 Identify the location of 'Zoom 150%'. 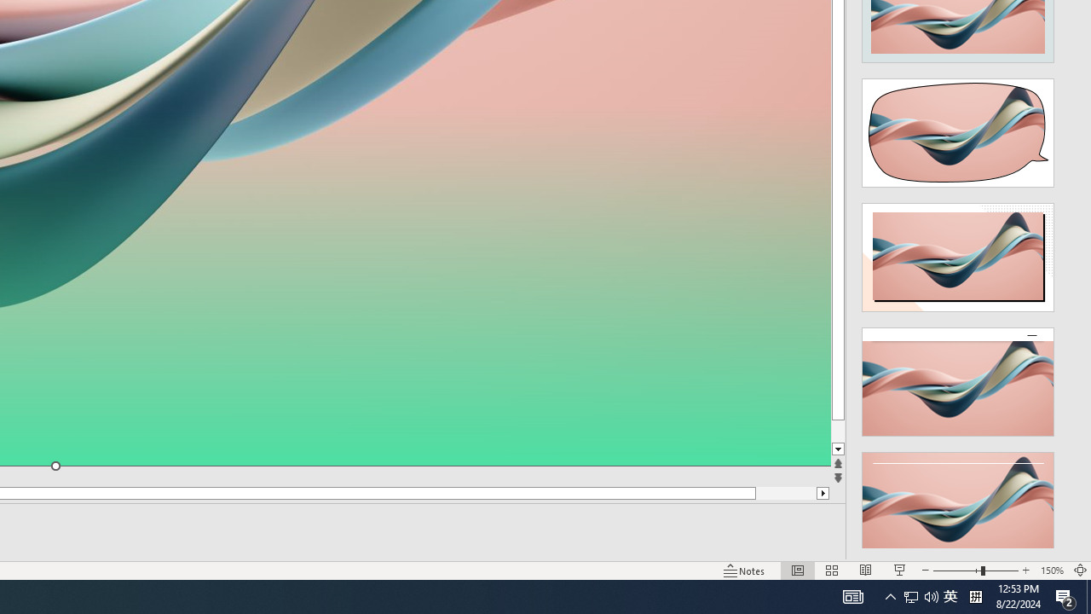
(1051, 571).